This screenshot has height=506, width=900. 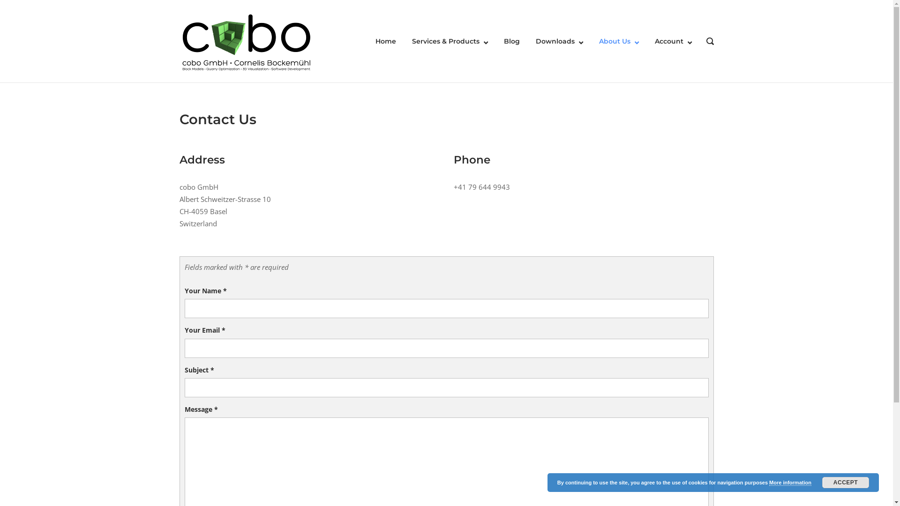 I want to click on 'Blog', so click(x=510, y=41).